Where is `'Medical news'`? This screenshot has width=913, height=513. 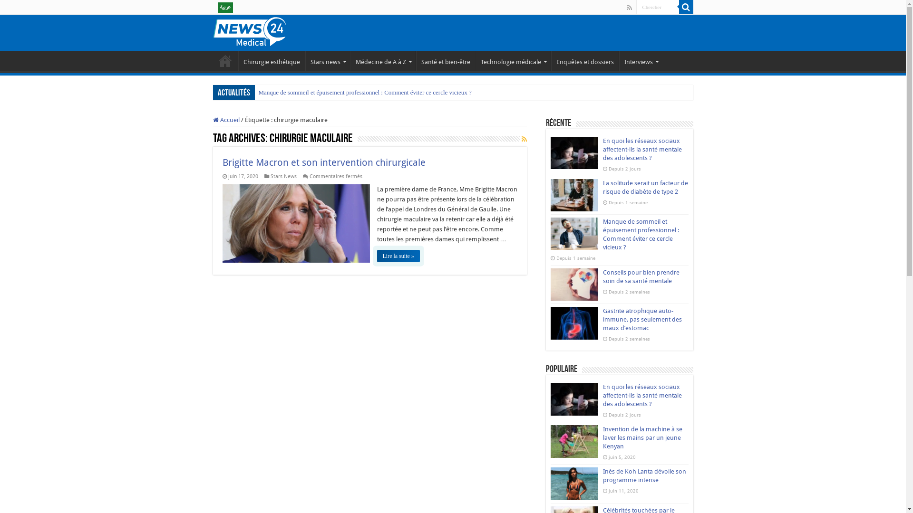 'Medical news' is located at coordinates (249, 30).